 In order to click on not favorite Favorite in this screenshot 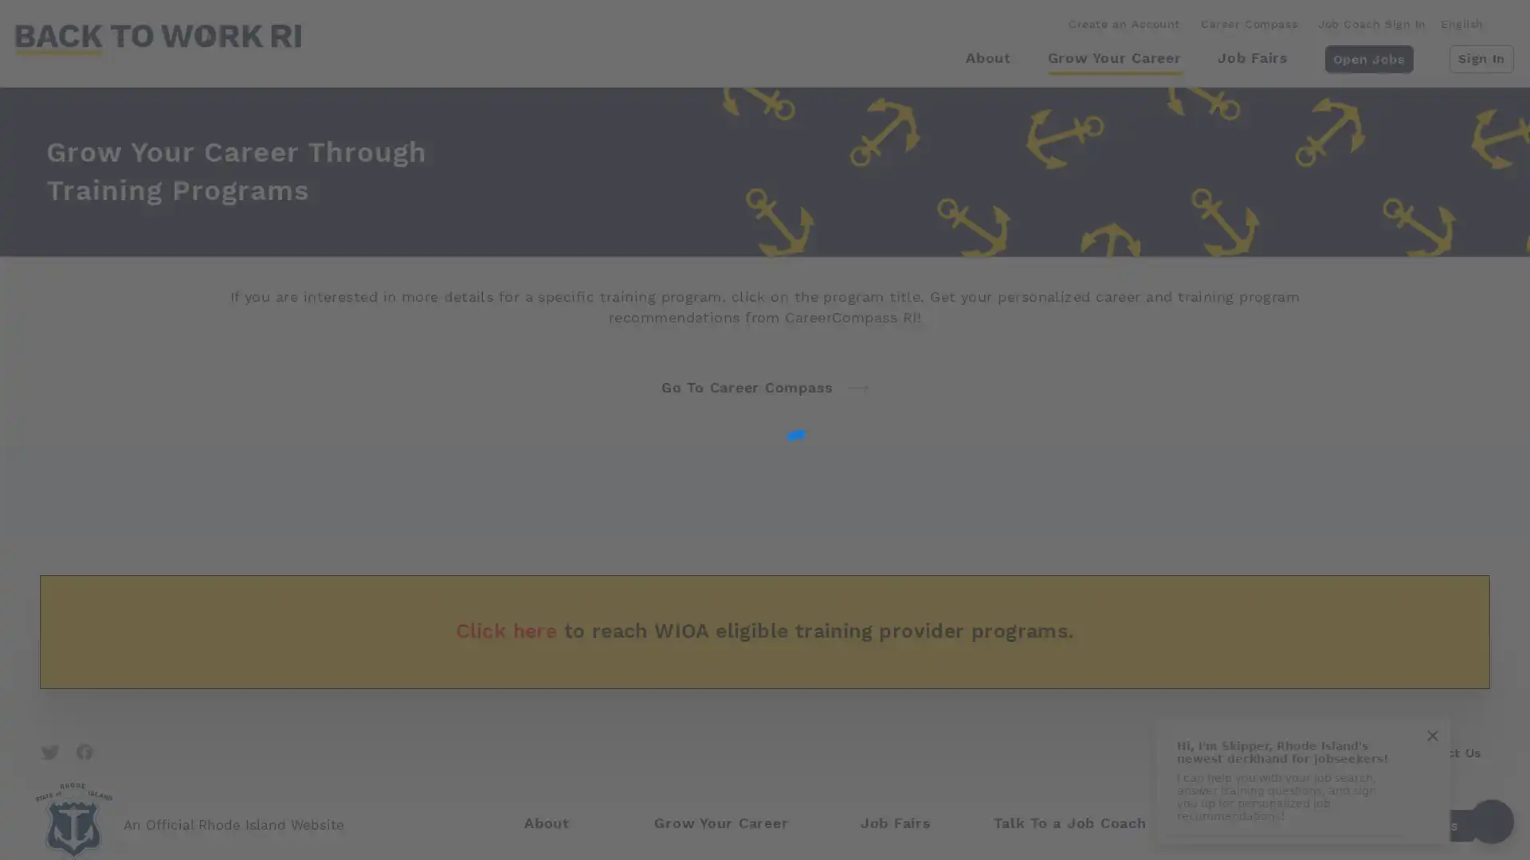, I will do `click(1418, 503)`.